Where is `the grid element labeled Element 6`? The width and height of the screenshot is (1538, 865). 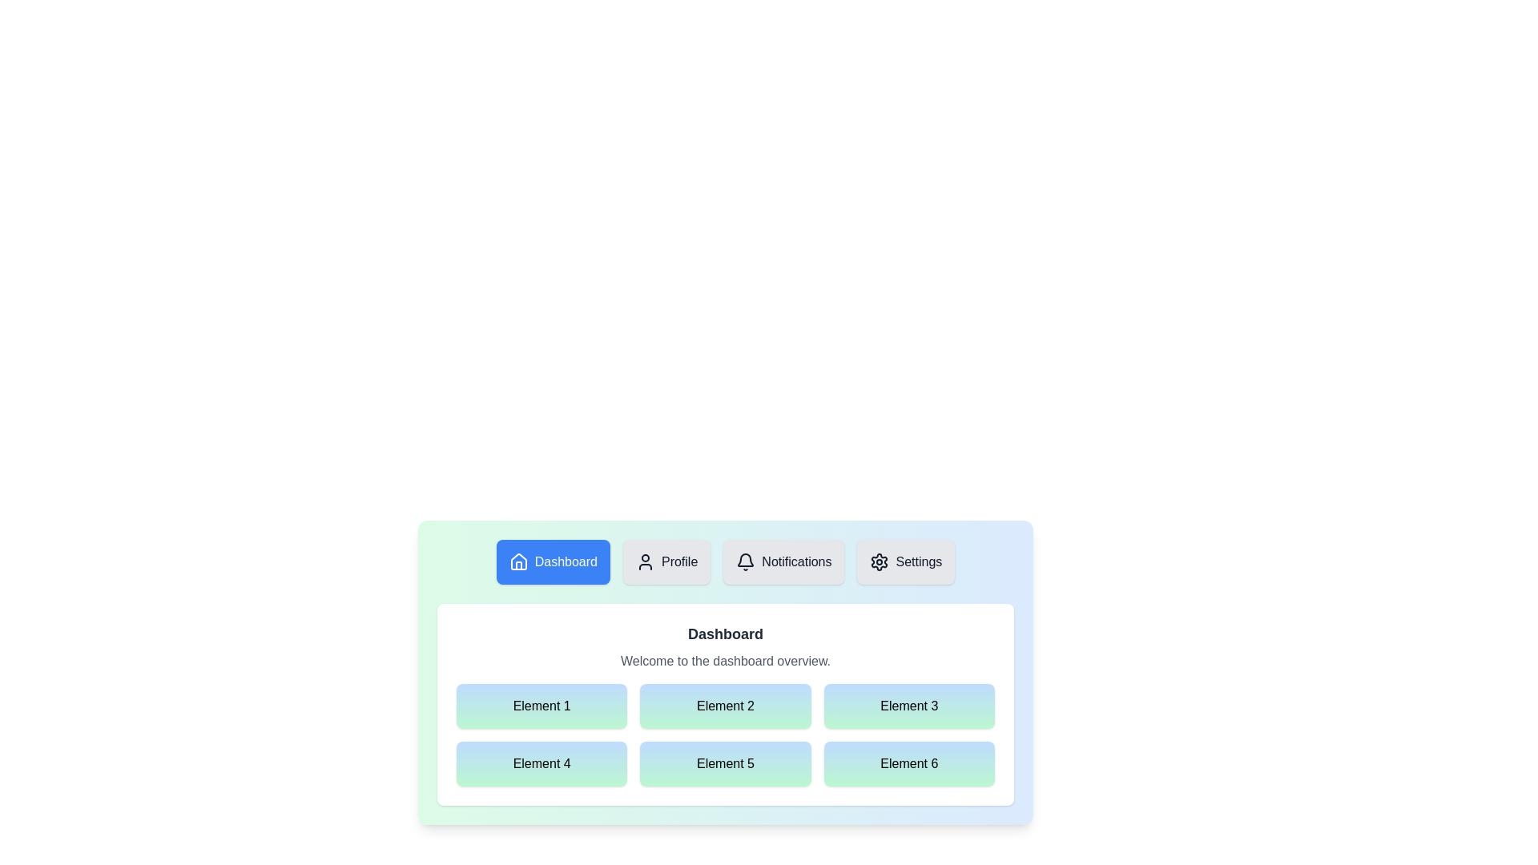
the grid element labeled Element 6 is located at coordinates (909, 762).